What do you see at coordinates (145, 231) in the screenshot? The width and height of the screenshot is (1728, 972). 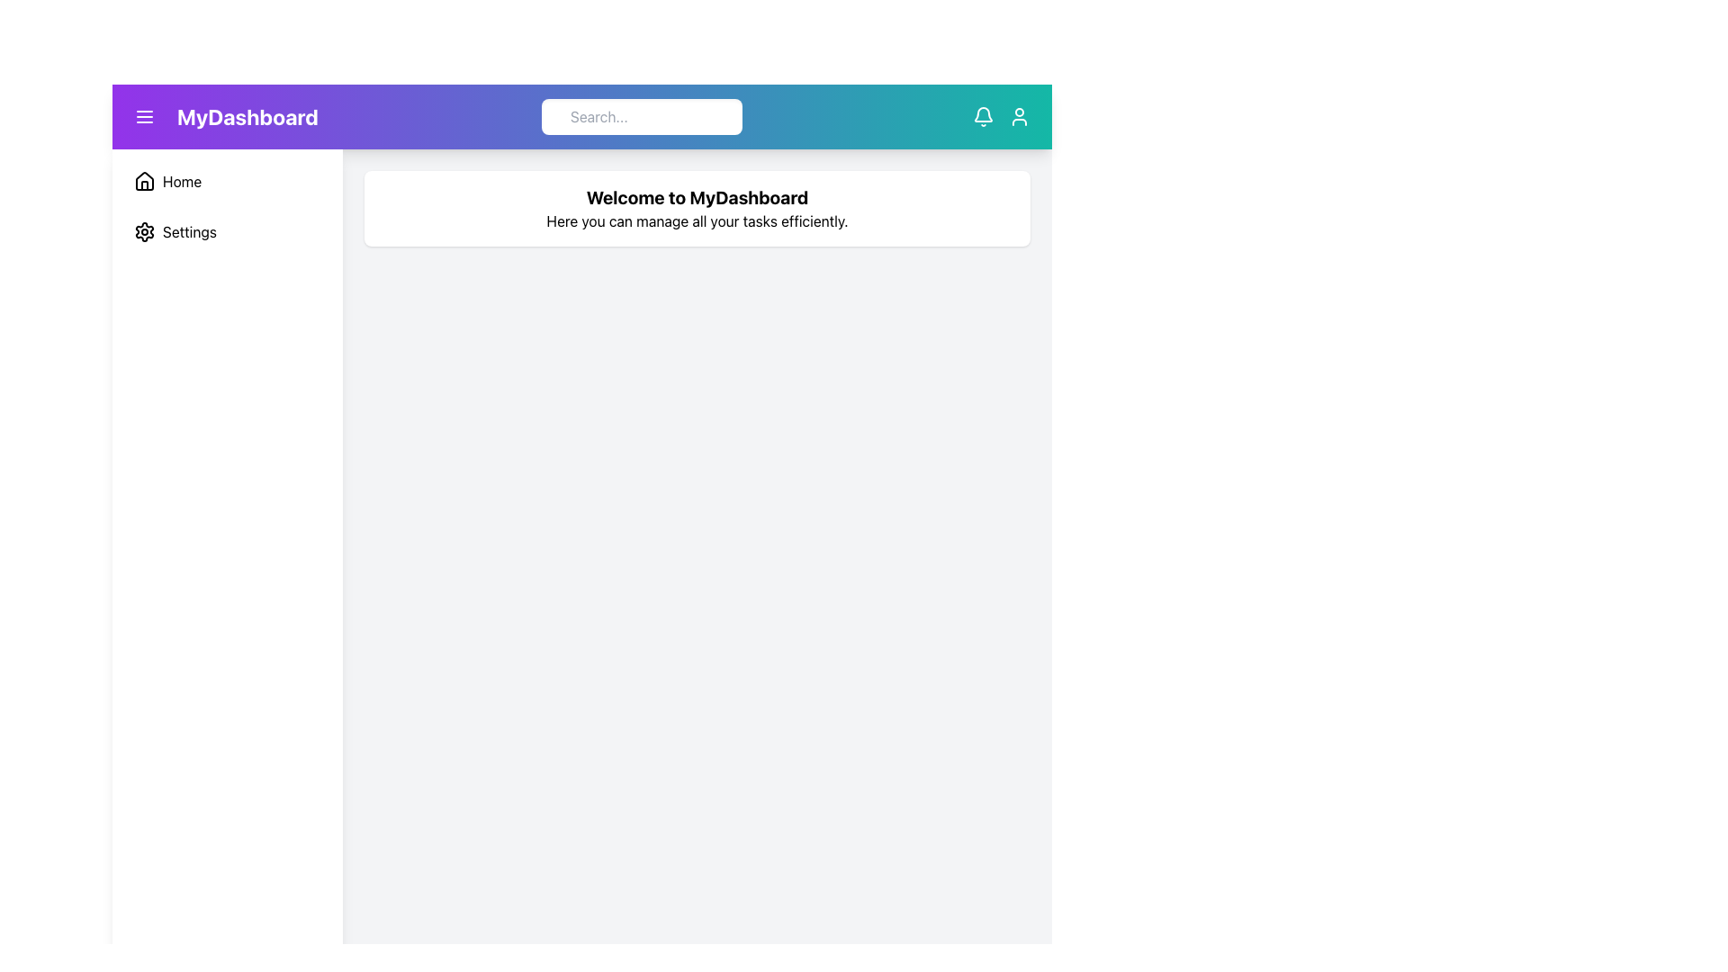 I see `the gear icon in the vertical navigation menu` at bounding box center [145, 231].